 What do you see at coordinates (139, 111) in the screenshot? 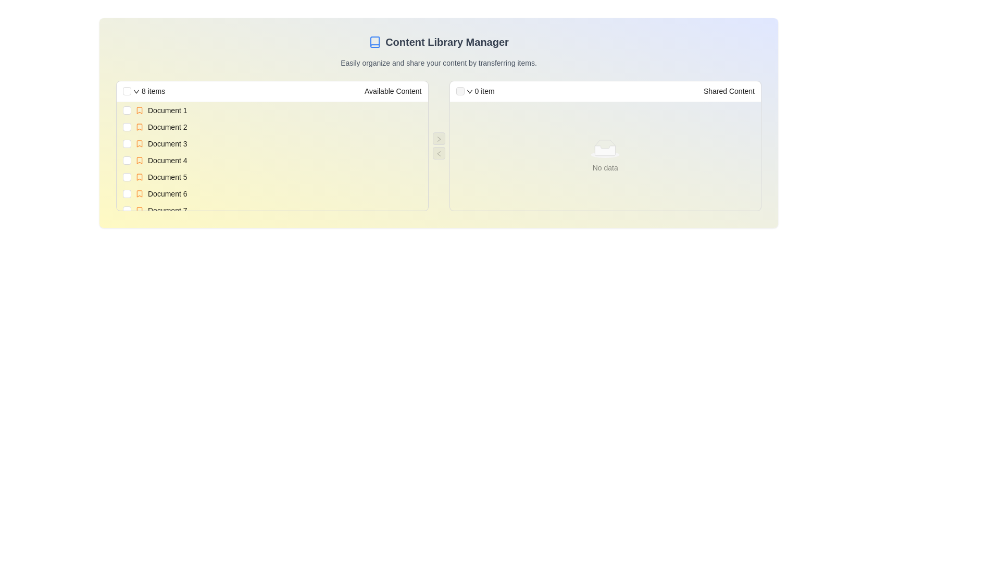
I see `the first bookmark icon to the left of 'Document 1' in the 'Available Content' section` at bounding box center [139, 111].